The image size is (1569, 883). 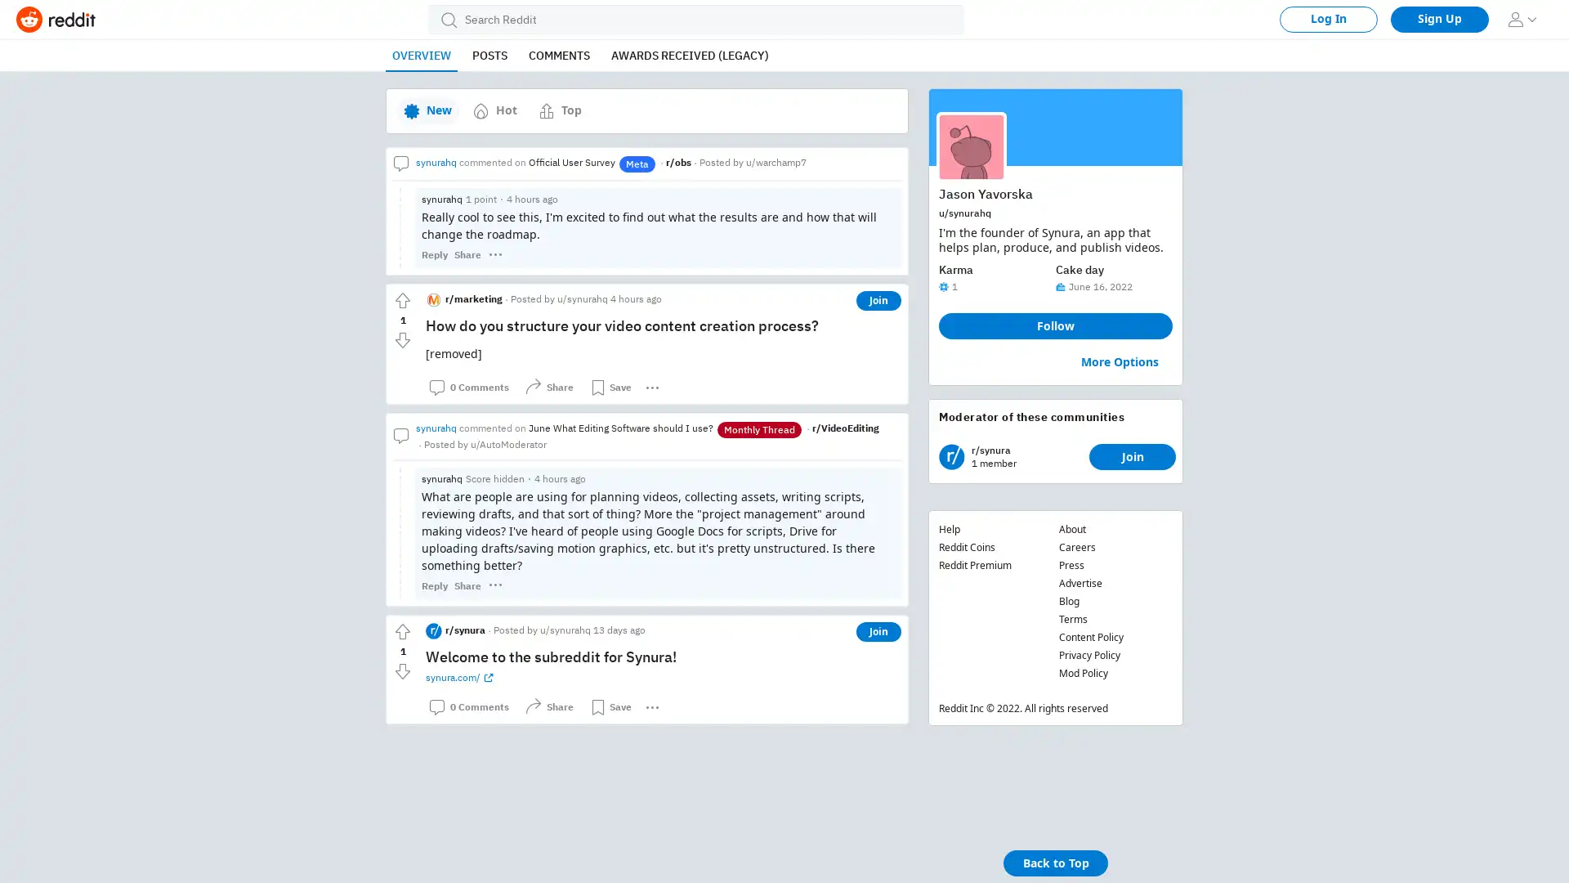 What do you see at coordinates (878, 300) in the screenshot?
I see `Join` at bounding box center [878, 300].